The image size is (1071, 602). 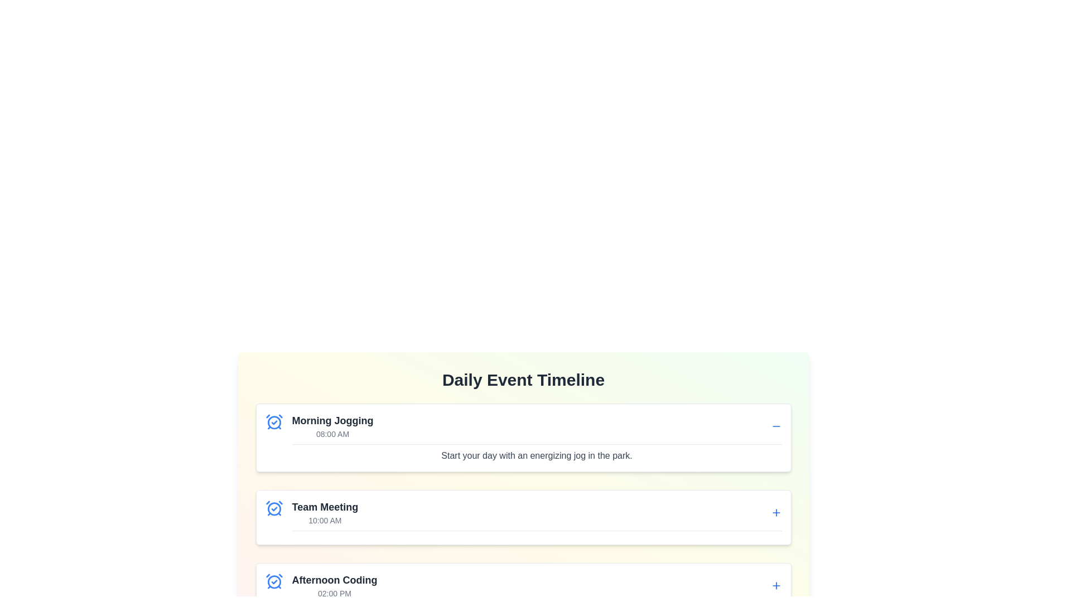 What do you see at coordinates (523, 515) in the screenshot?
I see `the '+' button on the event entry titled 'Team Meeting' scheduled for '10:00 AM'` at bounding box center [523, 515].